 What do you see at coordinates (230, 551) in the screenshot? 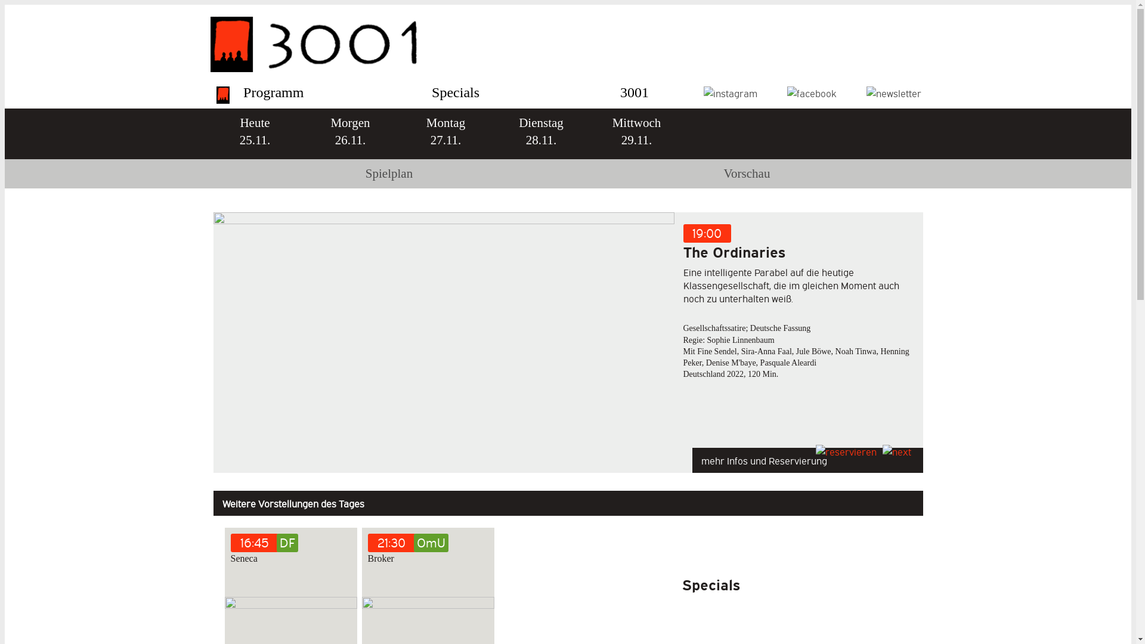
I see `'16:45 DF` at bounding box center [230, 551].